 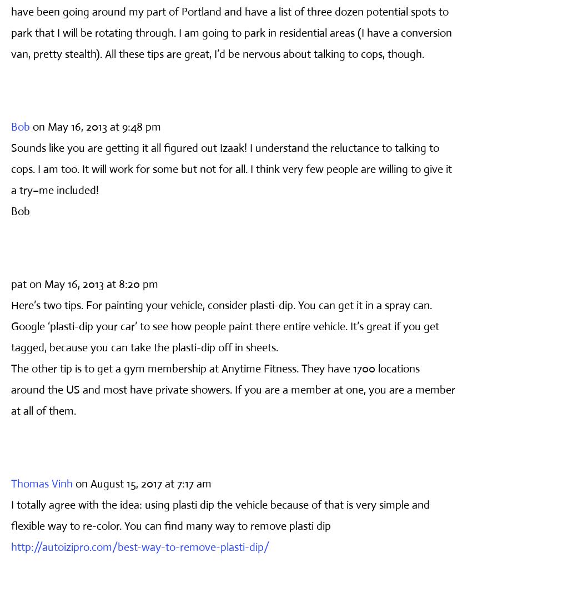 I want to click on 'on May 16, 2013 at 9:48 pm', so click(x=32, y=126).